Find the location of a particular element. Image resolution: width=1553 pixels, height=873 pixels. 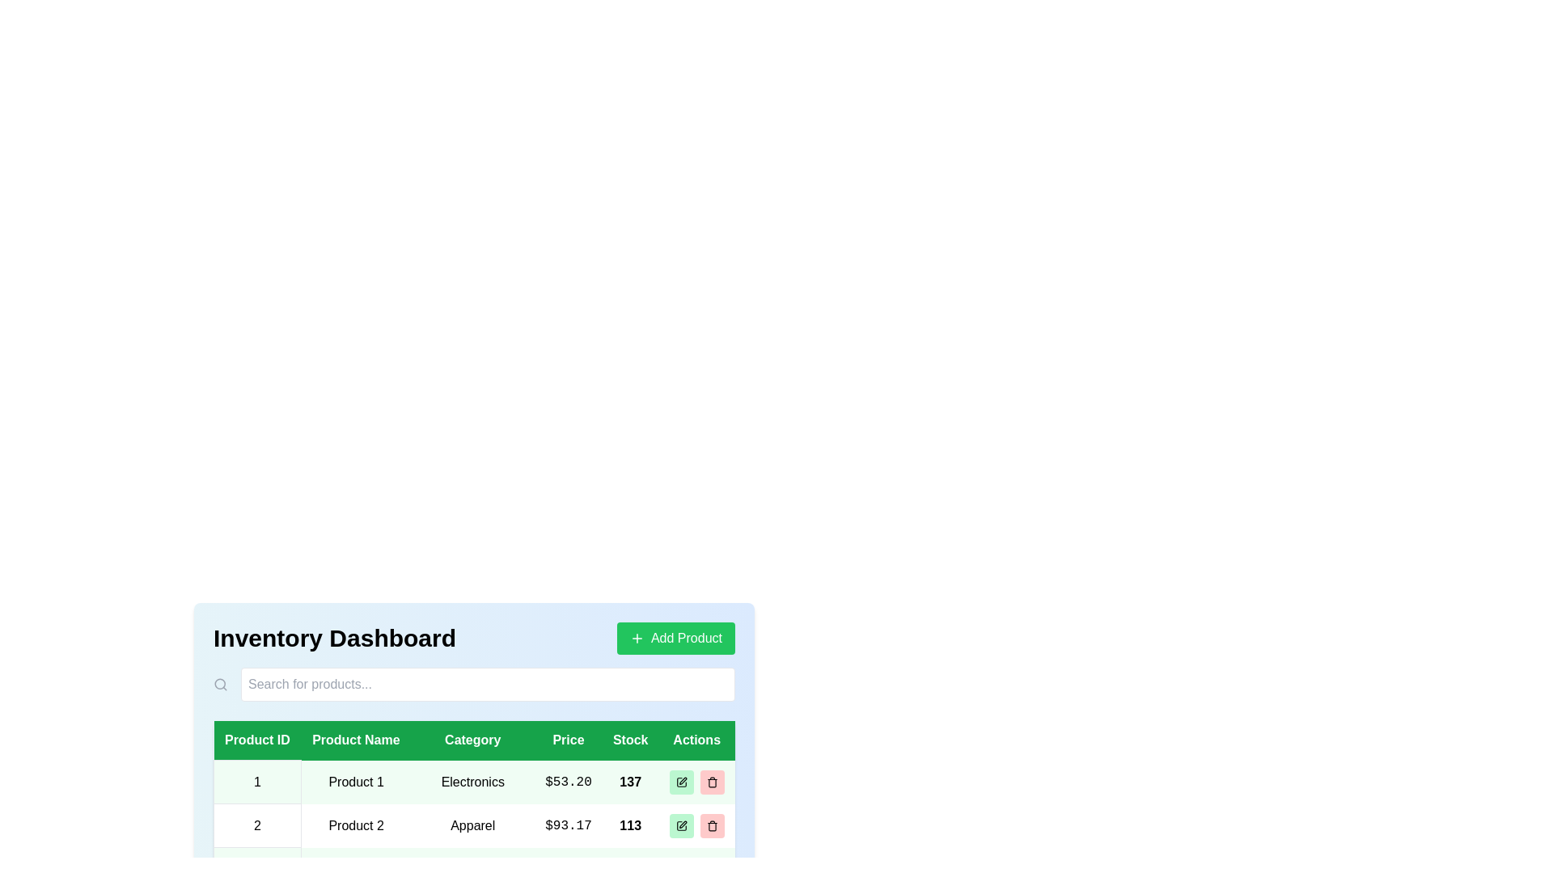

the edit button corresponding to the product in the 'Actions' column is located at coordinates (681, 781).